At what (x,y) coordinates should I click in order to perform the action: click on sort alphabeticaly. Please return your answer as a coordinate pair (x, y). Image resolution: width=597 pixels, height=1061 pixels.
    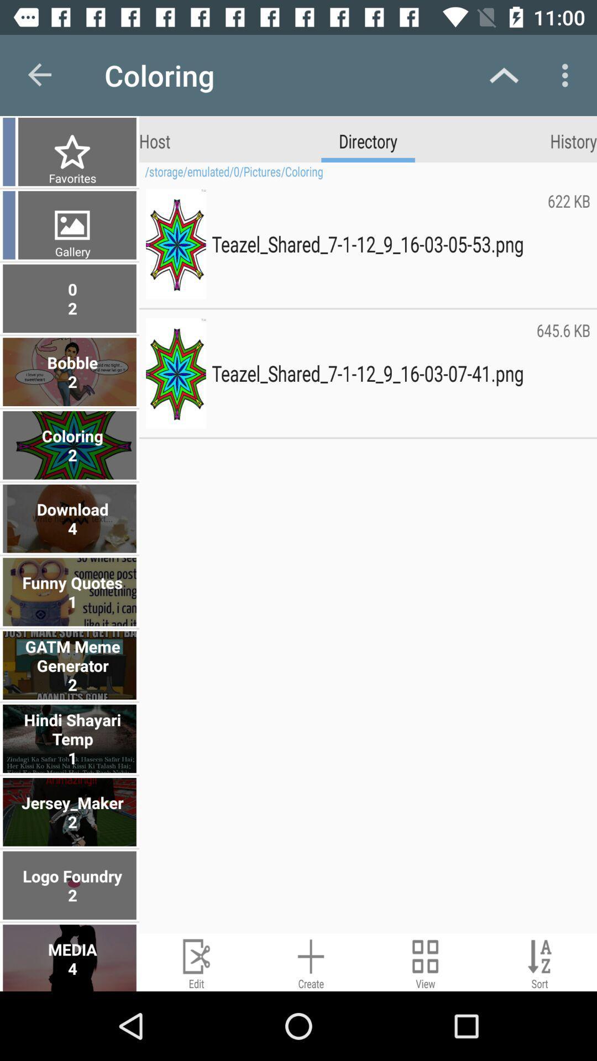
    Looking at the image, I should click on (539, 962).